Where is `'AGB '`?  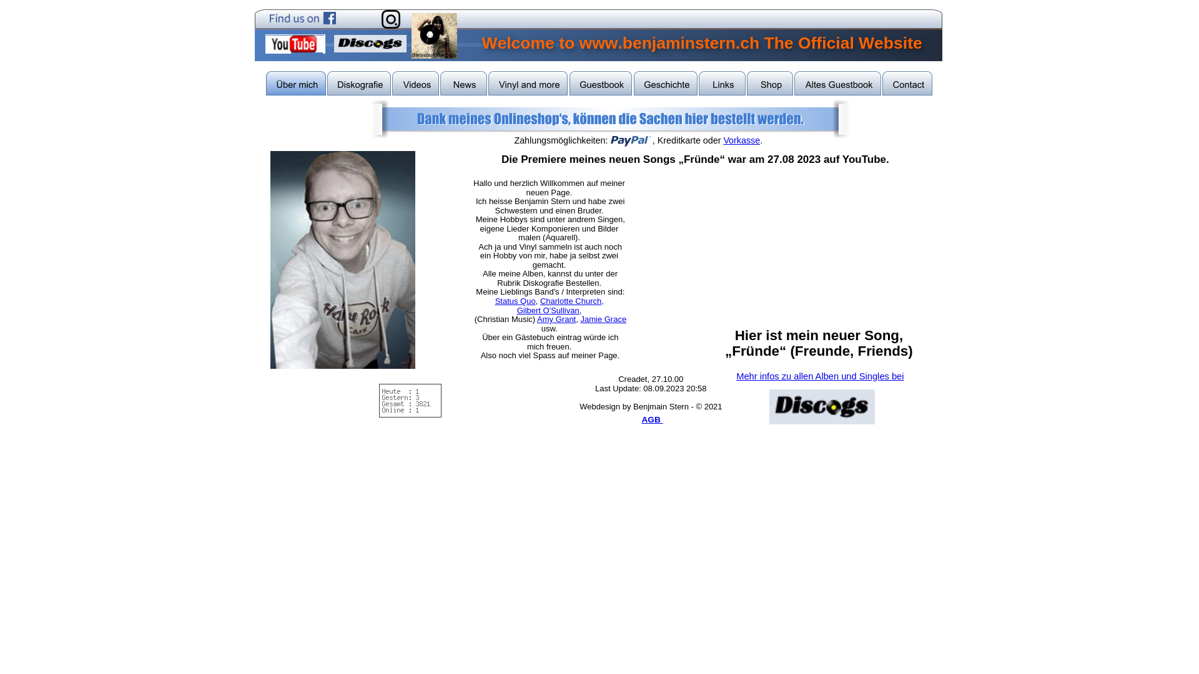 'AGB ' is located at coordinates (652, 419).